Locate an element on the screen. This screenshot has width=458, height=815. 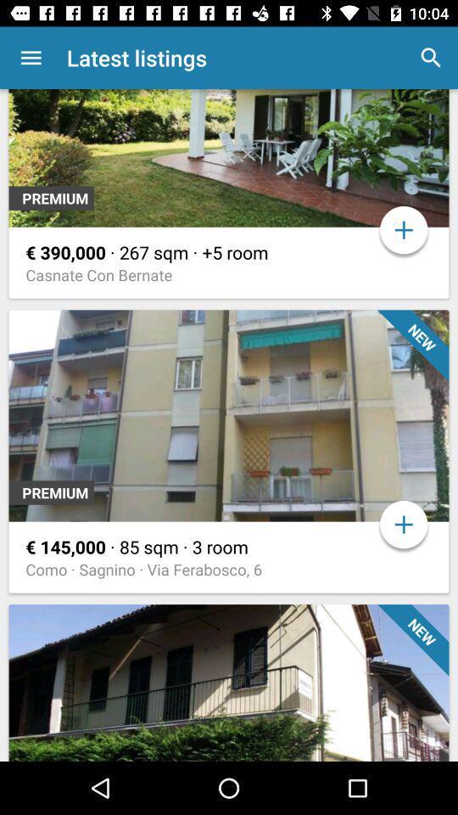
the app next to latest listings icon is located at coordinates (431, 58).